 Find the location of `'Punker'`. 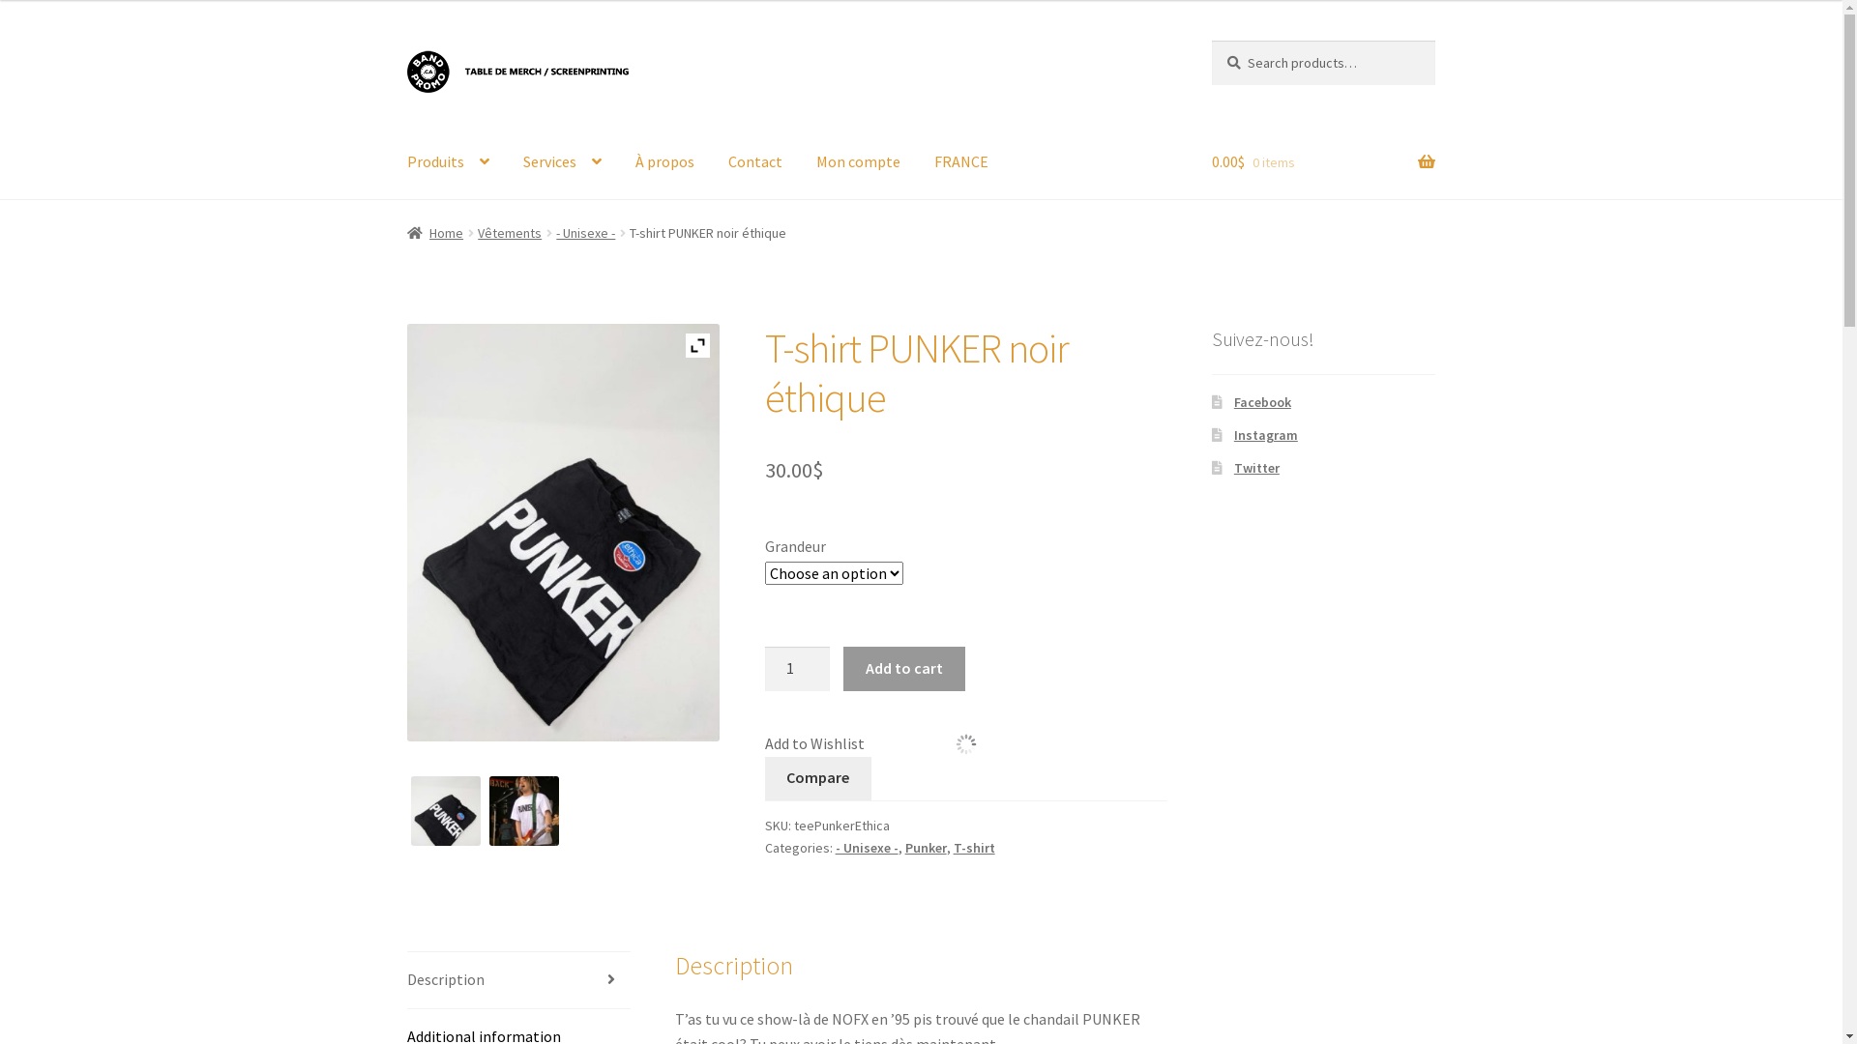

'Punker' is located at coordinates (925, 846).